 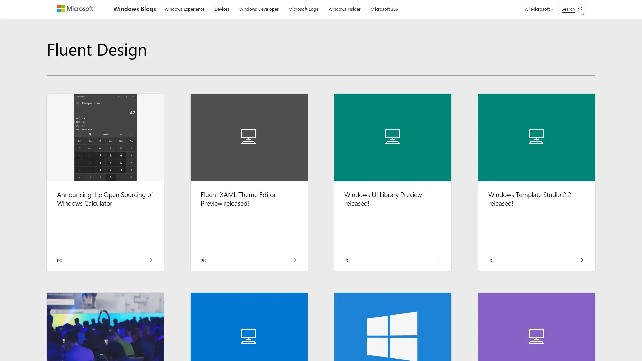 What do you see at coordinates (539, 9) in the screenshot?
I see `All Microsoft expand to see list of Microsoft products and services` at bounding box center [539, 9].